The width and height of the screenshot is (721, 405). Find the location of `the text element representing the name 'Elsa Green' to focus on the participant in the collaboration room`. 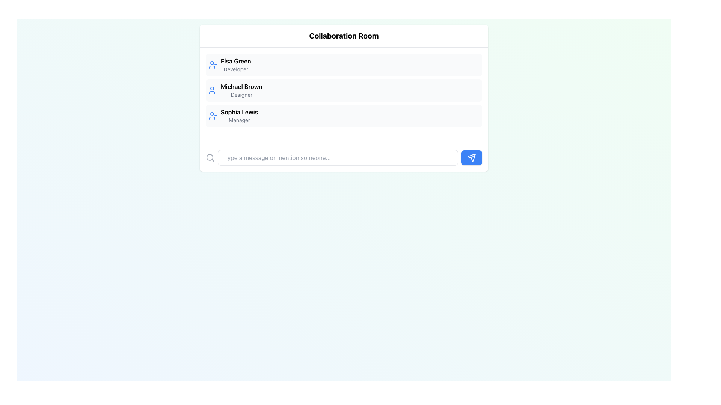

the text element representing the name 'Elsa Green' to focus on the participant in the collaboration room is located at coordinates (235, 60).